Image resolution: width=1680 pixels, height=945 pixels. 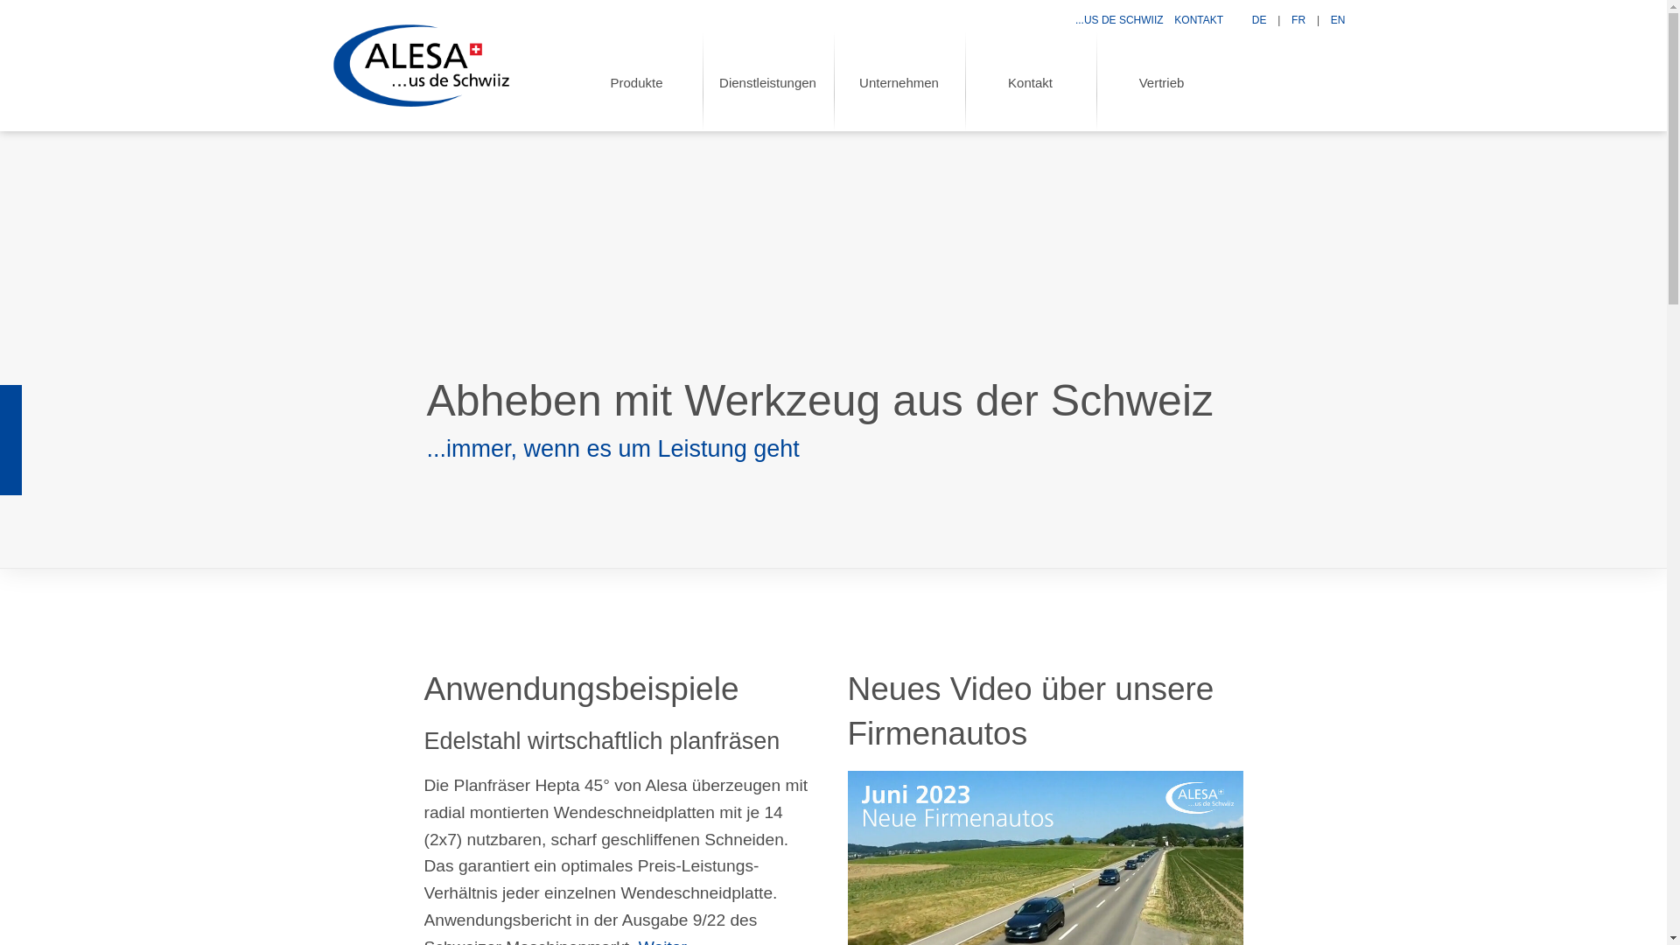 What do you see at coordinates (1197, 20) in the screenshot?
I see `'KONTAKT'` at bounding box center [1197, 20].